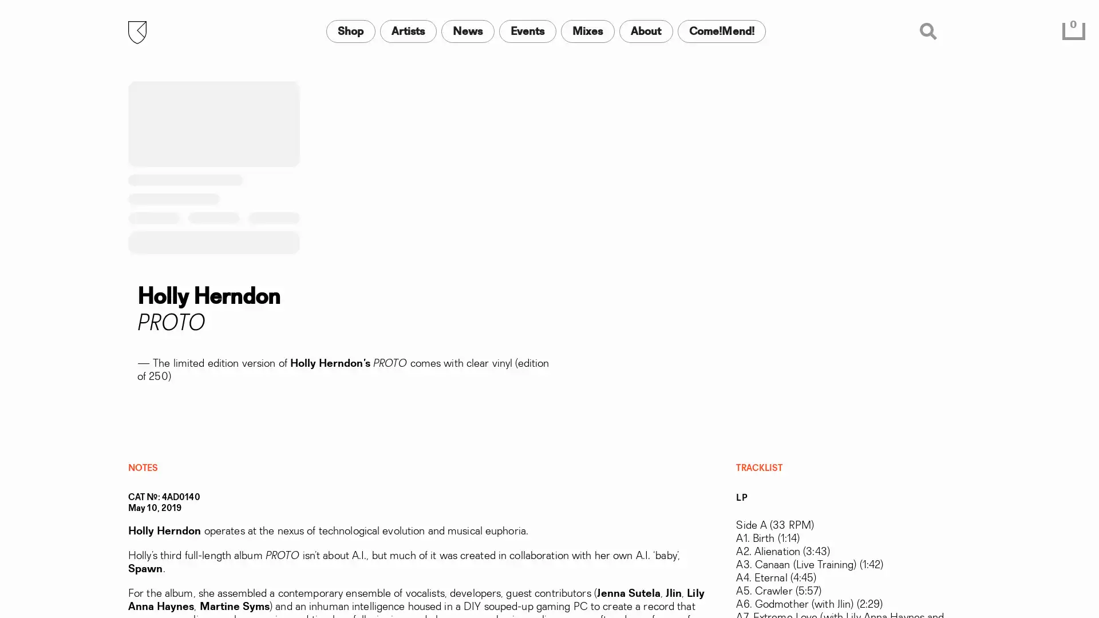 The height and width of the screenshot is (618, 1099). Describe the element at coordinates (1073, 30) in the screenshot. I see `0` at that location.